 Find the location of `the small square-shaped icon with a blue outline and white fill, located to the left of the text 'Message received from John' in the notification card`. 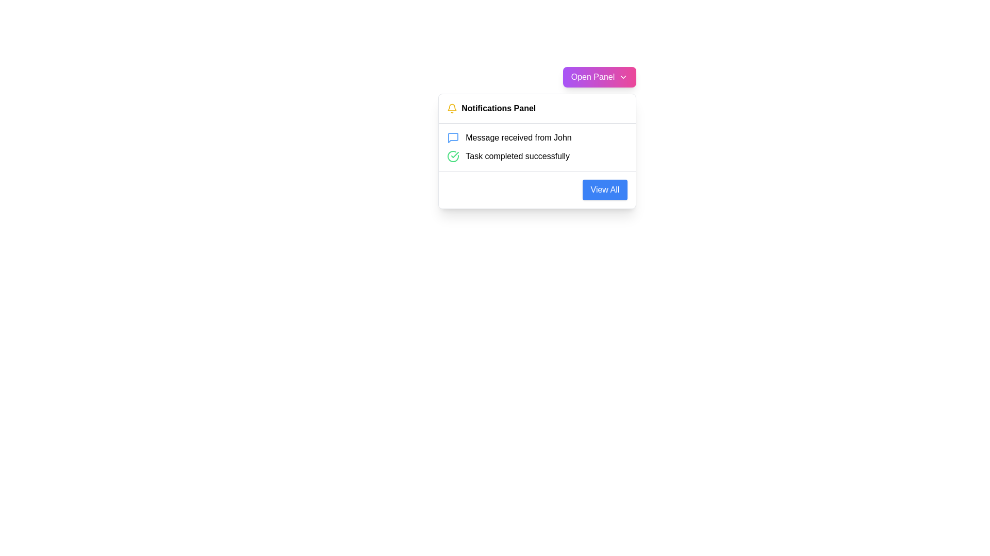

the small square-shaped icon with a blue outline and white fill, located to the left of the text 'Message received from John' in the notification card is located at coordinates (453, 137).